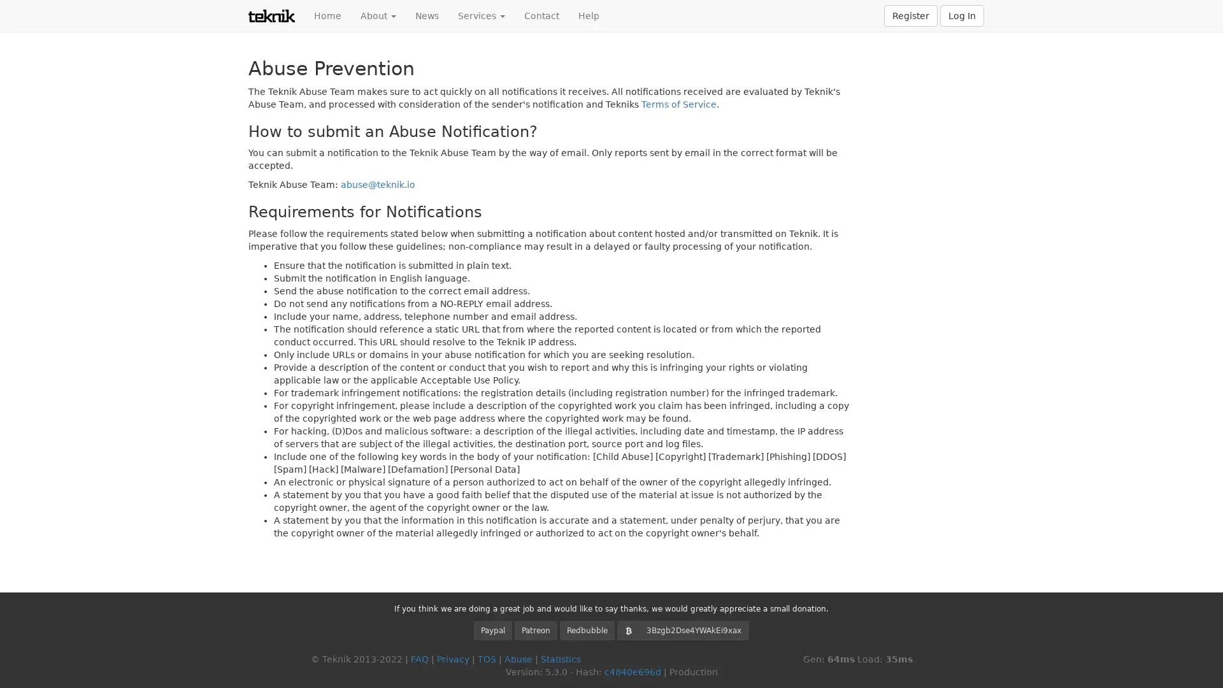 The width and height of the screenshot is (1223, 688). I want to click on Patreon, so click(536, 631).